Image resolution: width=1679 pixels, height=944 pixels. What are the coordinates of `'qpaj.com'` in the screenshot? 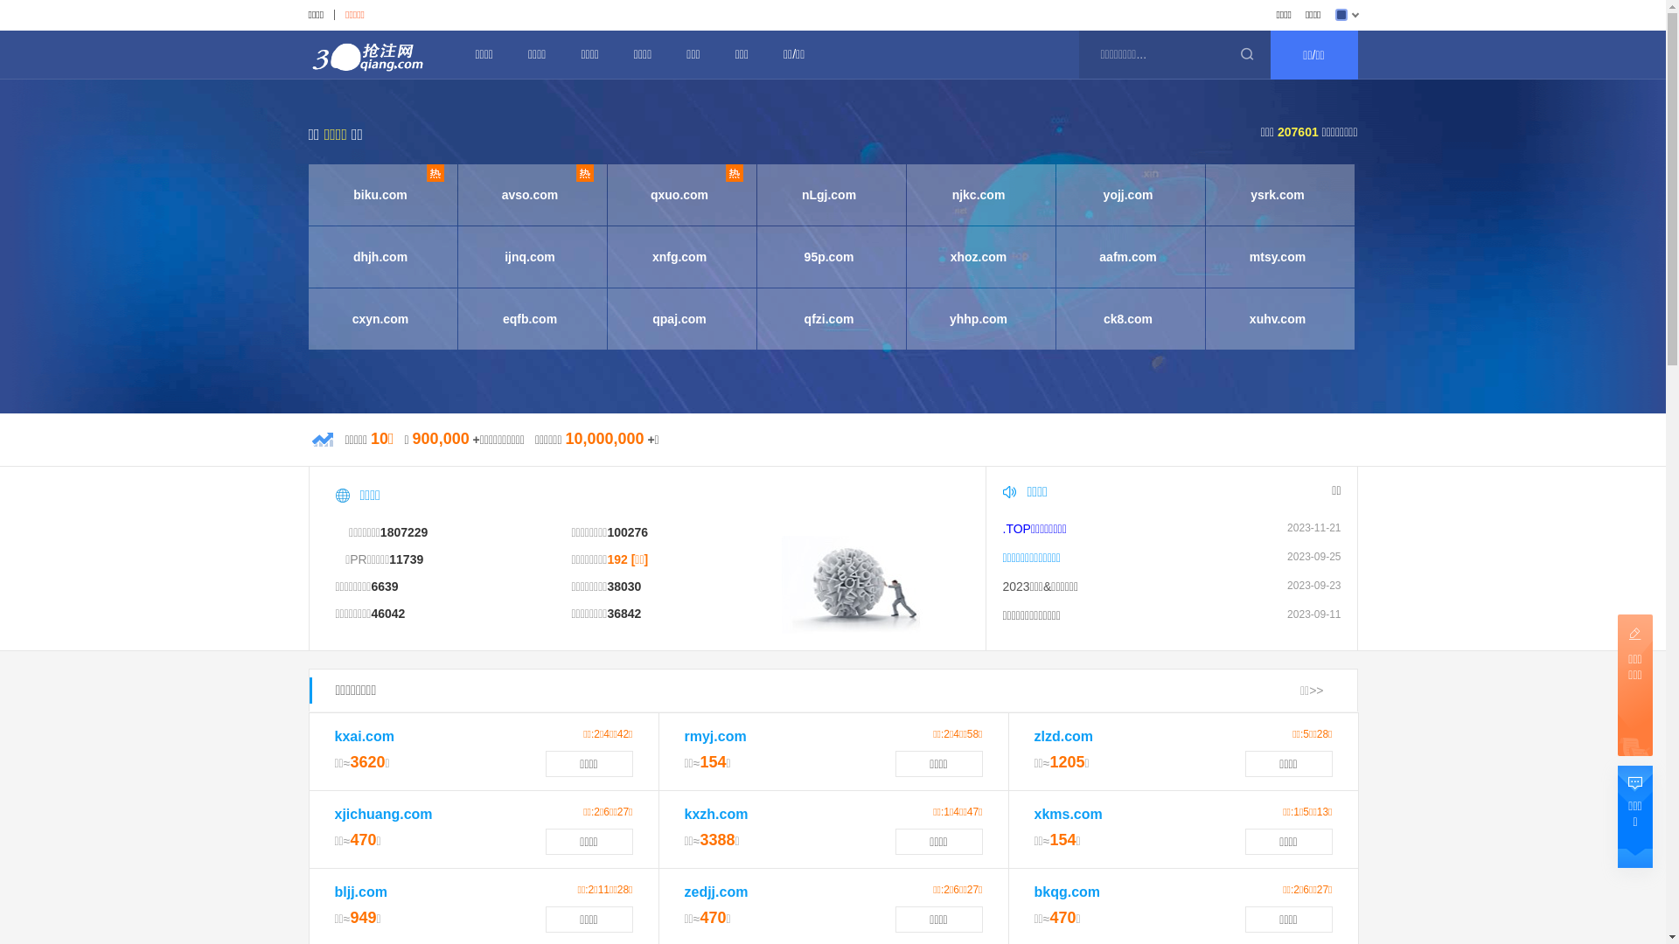 It's located at (678, 319).